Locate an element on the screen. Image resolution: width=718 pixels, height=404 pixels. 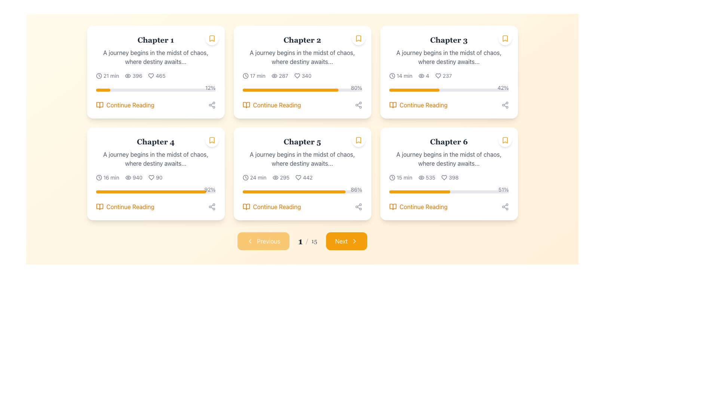
the bookmark action button located in the top-right corner of the 'Chapter 6' card to bookmark or unbookmark the chapter is located at coordinates (505, 140).